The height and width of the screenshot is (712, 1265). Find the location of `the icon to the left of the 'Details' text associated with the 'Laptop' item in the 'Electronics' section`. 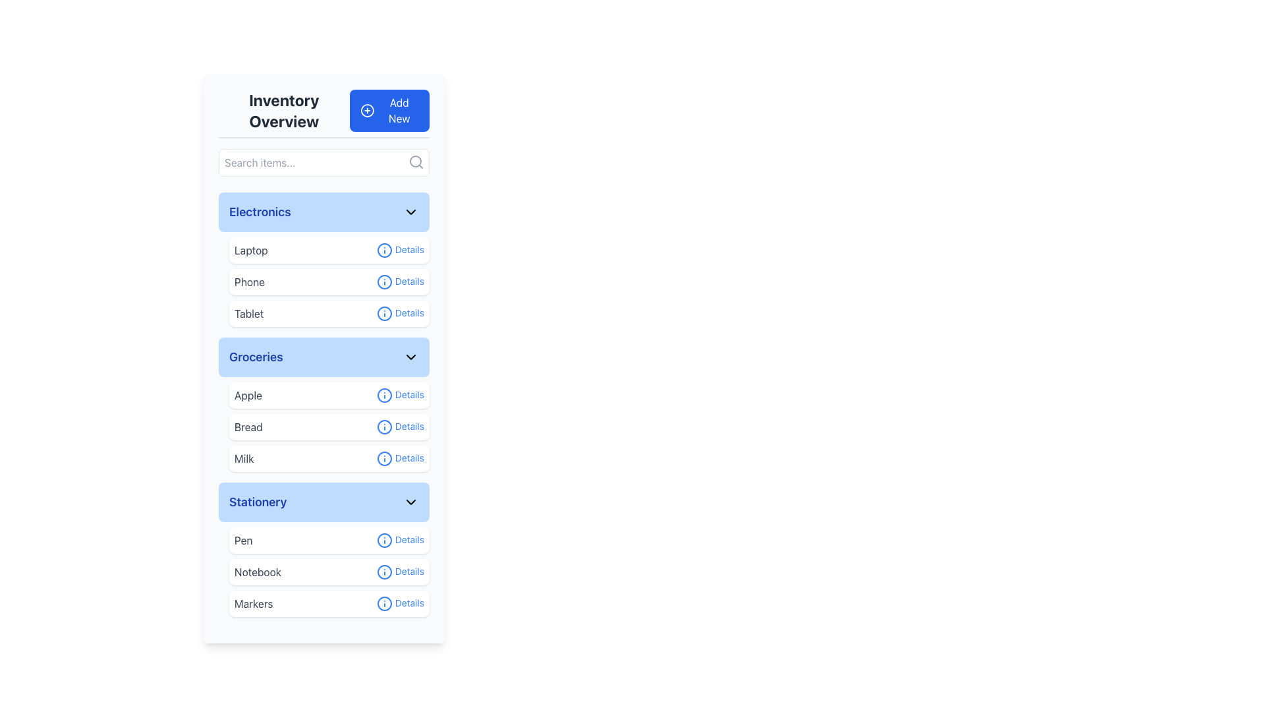

the icon to the left of the 'Details' text associated with the 'Laptop' item in the 'Electronics' section is located at coordinates (383, 251).